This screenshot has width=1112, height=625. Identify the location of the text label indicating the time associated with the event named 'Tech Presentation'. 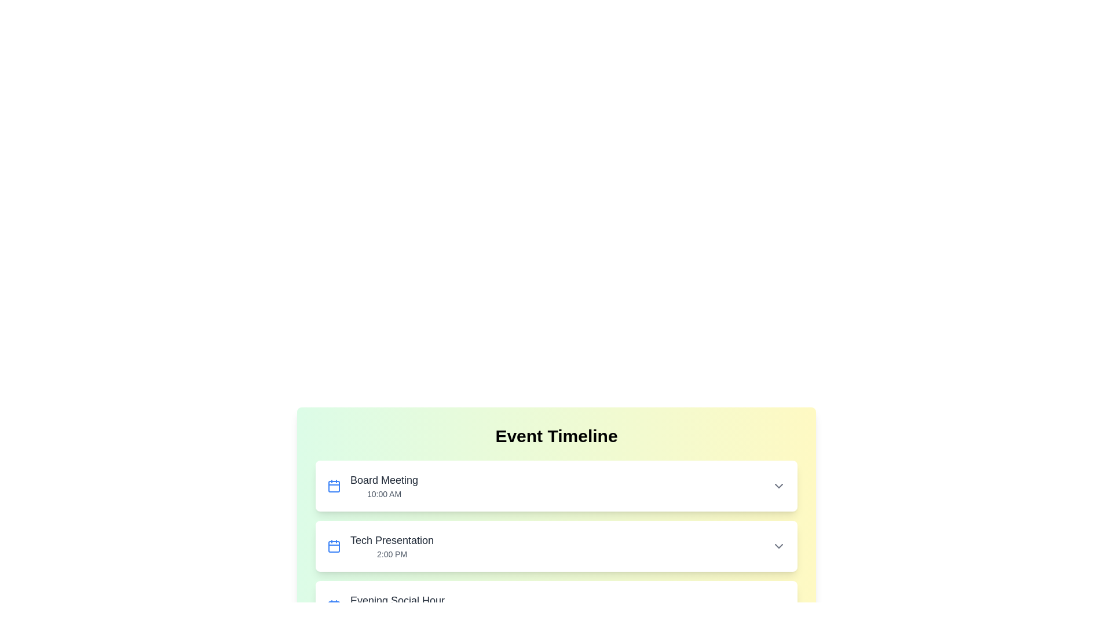
(392, 553).